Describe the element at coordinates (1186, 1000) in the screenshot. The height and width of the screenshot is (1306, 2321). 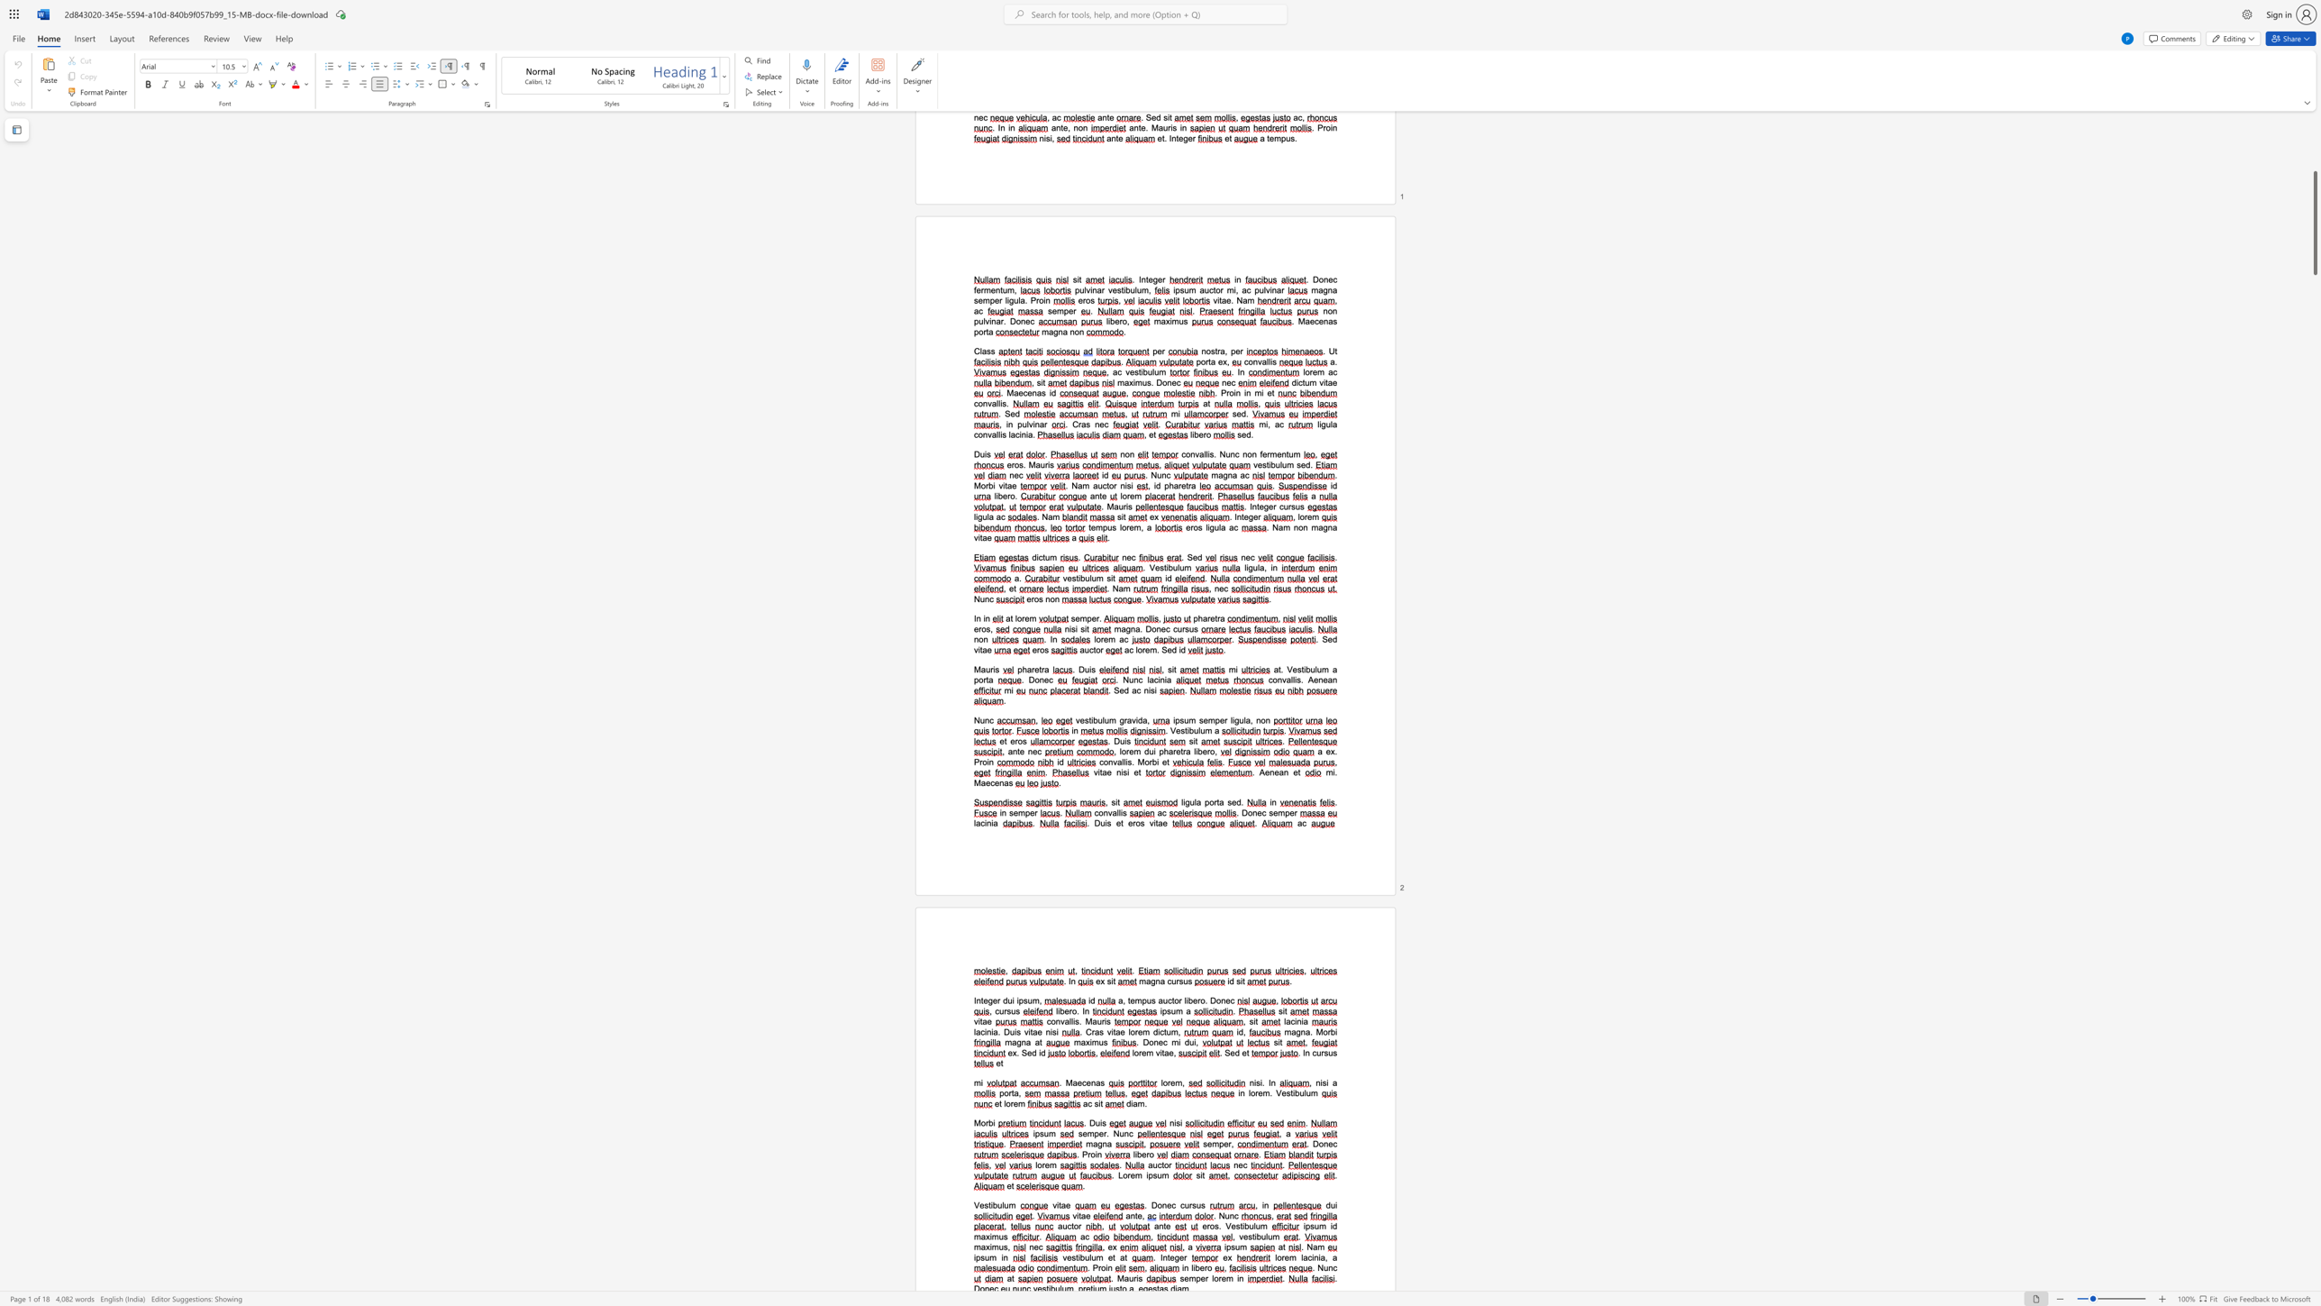
I see `the space between the continuous character "l" and "i" in the text` at that location.